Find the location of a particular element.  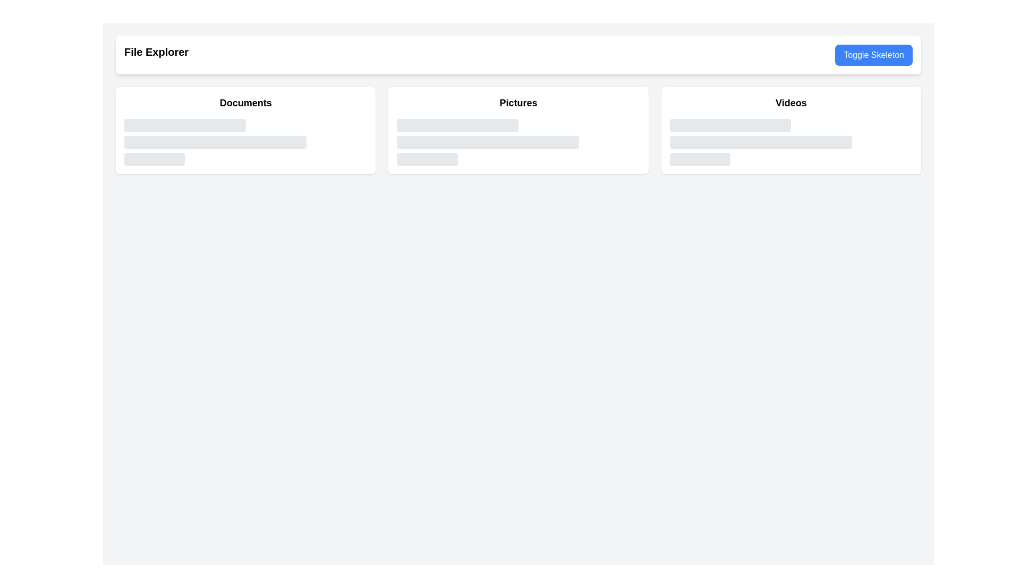

the loading skeleton bar, which is a rounded rectangular component located at the bottom of a group of three similar components in the 'Videos' section is located at coordinates (700, 159).